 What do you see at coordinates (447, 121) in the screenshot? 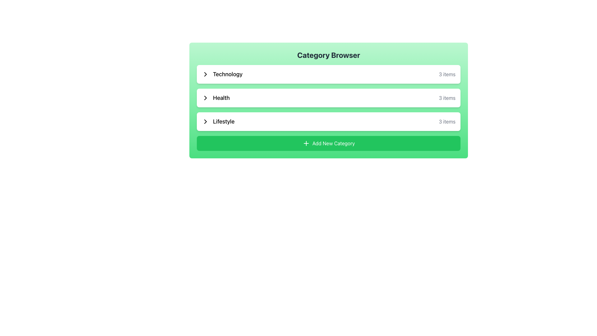
I see `the static text label displaying '3 items' in light gray, located at the right end of the 'Lifestyle' category row` at bounding box center [447, 121].